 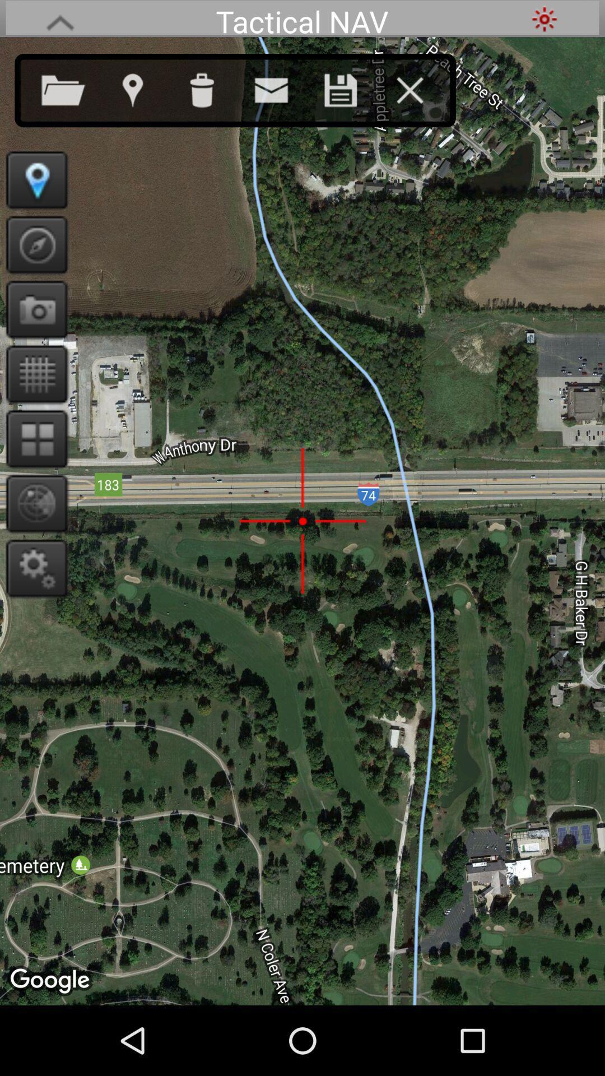 What do you see at coordinates (32, 244) in the screenshot?
I see `open compass` at bounding box center [32, 244].